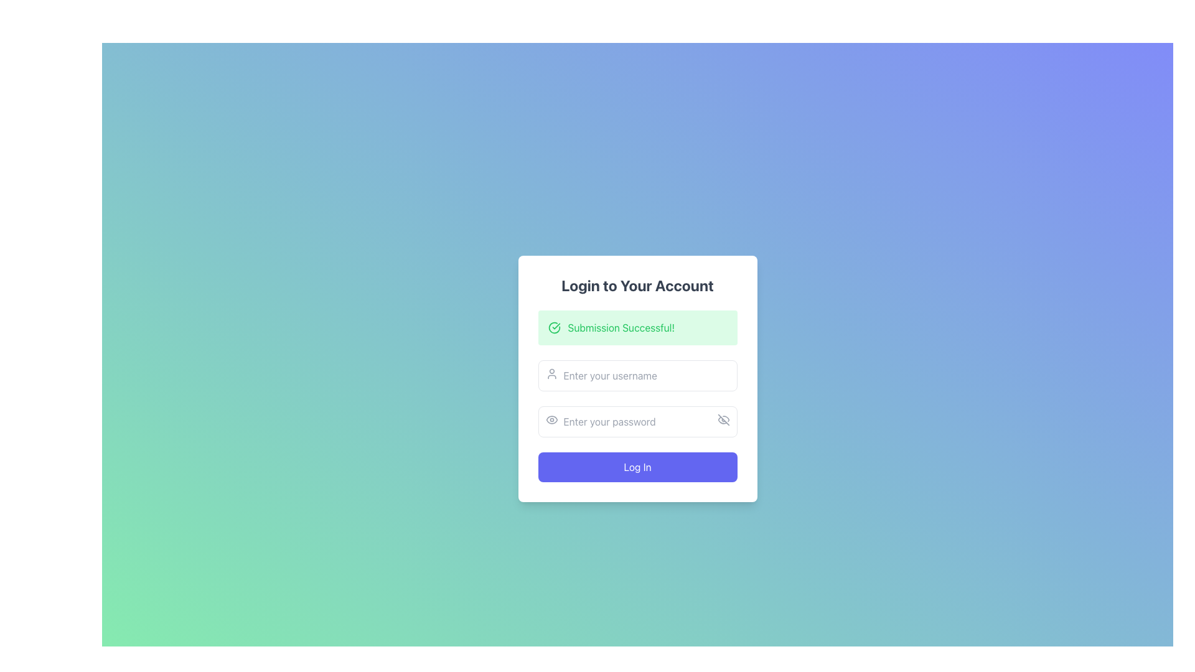 Image resolution: width=1195 pixels, height=672 pixels. Describe the element at coordinates (723, 420) in the screenshot. I see `the eye icon element that toggles the visibility of the password field's contents, located inside the password input field at the far right` at that location.